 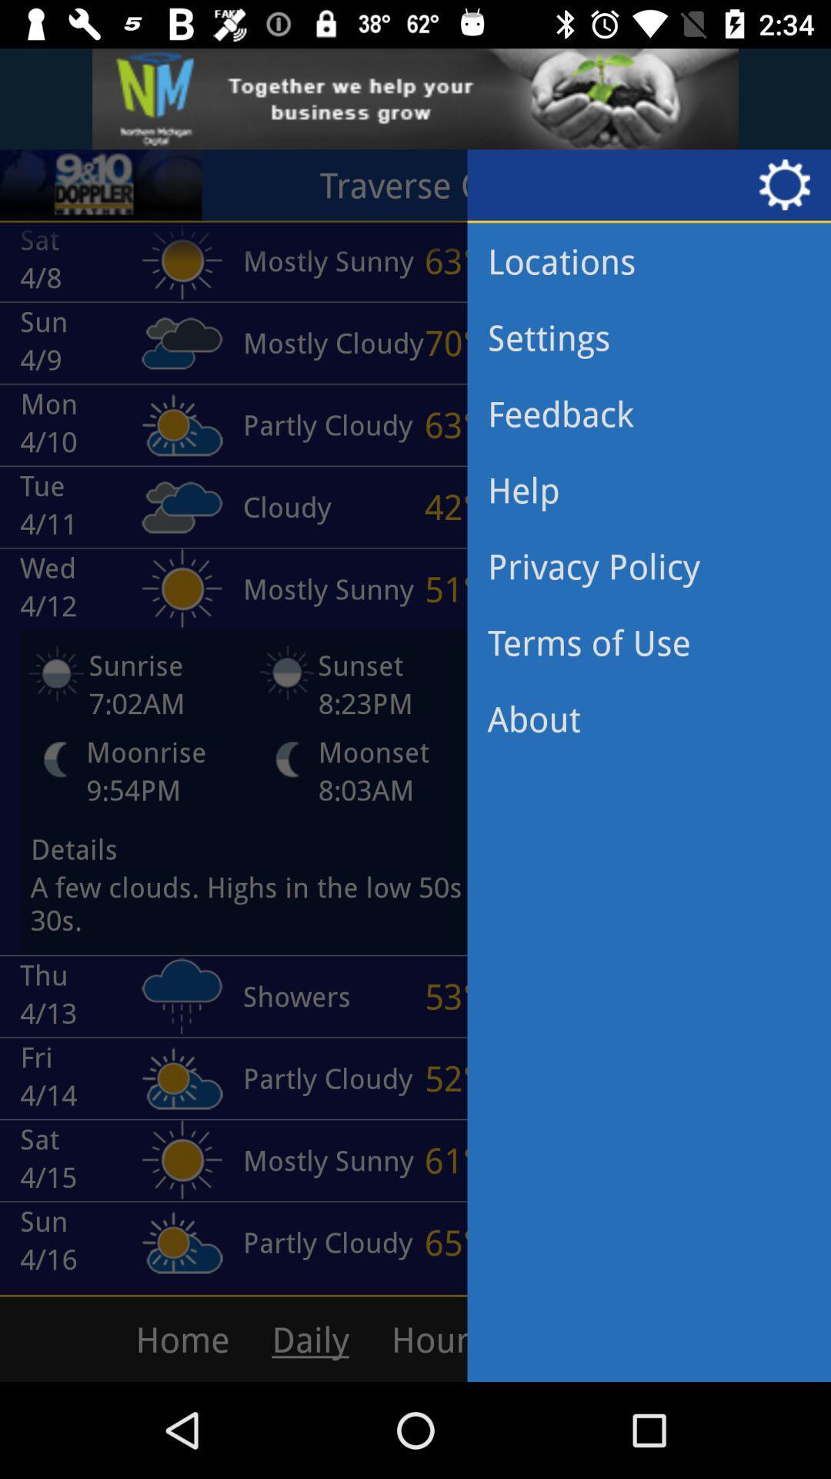 I want to click on hour, so click(x=504, y=1338).